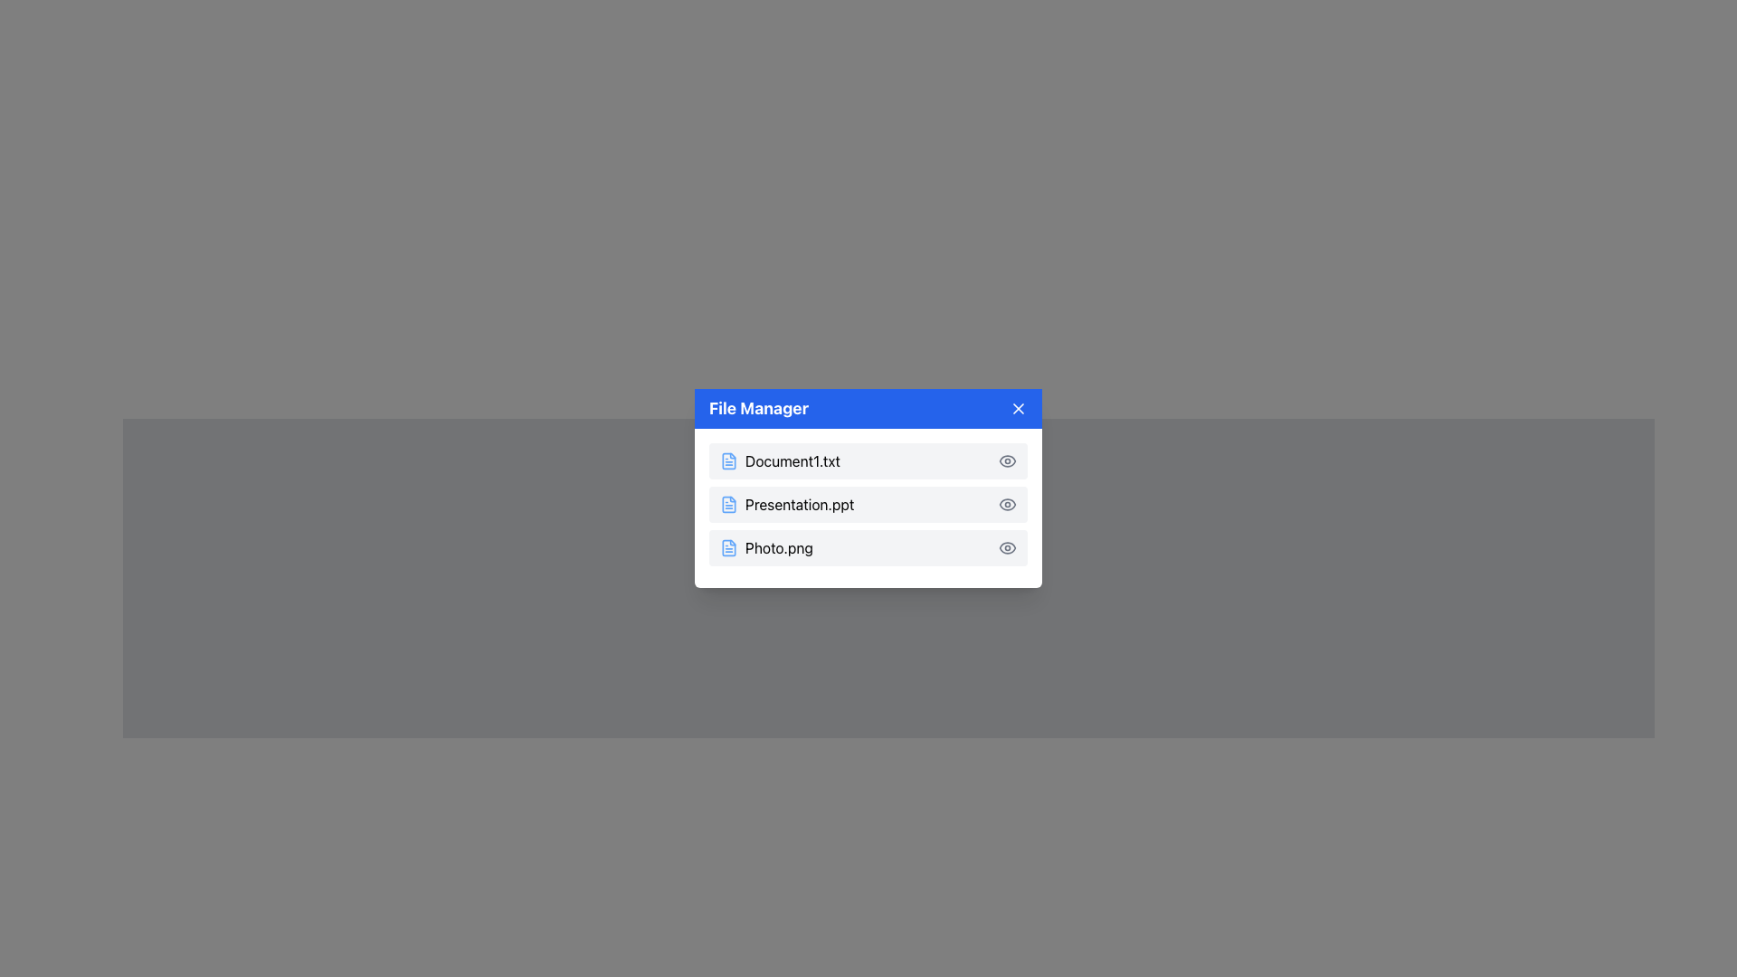 The width and height of the screenshot is (1737, 977). Describe the element at coordinates (1006, 460) in the screenshot. I see `the eye icon located on the far right of the row corresponding to 'Document1.txt'` at that location.